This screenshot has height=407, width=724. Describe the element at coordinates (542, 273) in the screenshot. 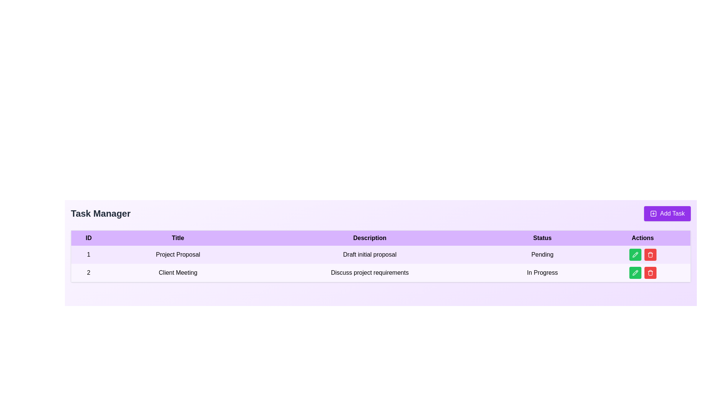

I see `the status indicator text label for the task with ID 2 titled 'Client Meeting', located in the 'Status' column` at that location.